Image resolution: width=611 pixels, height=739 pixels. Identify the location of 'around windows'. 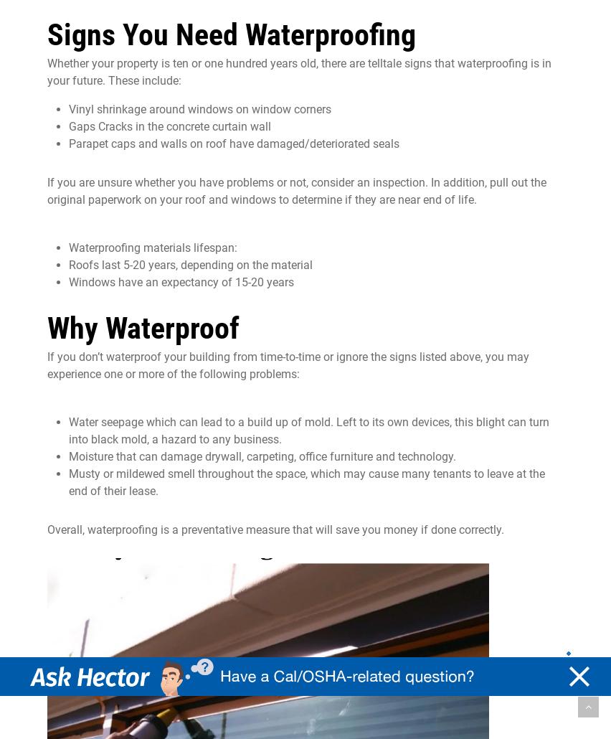
(191, 108).